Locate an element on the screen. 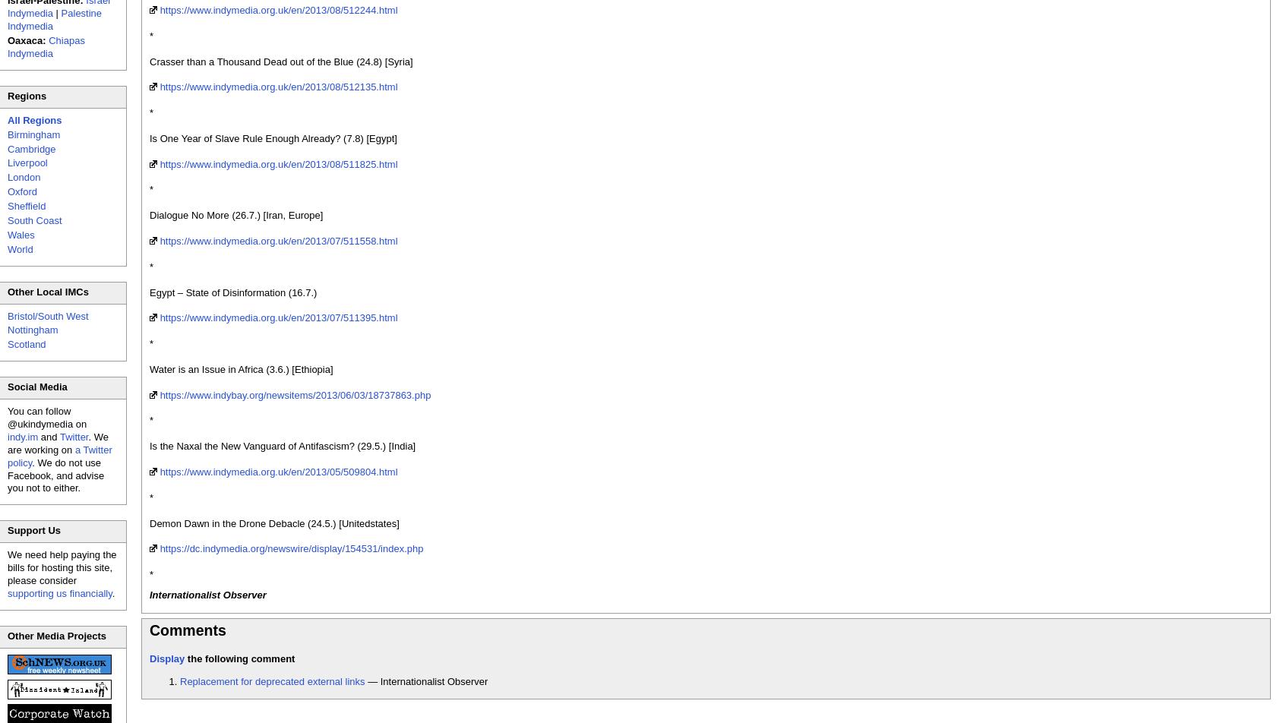  'https://www.indymedia.org.uk/en/2013/08/511825.html' is located at coordinates (278, 163).